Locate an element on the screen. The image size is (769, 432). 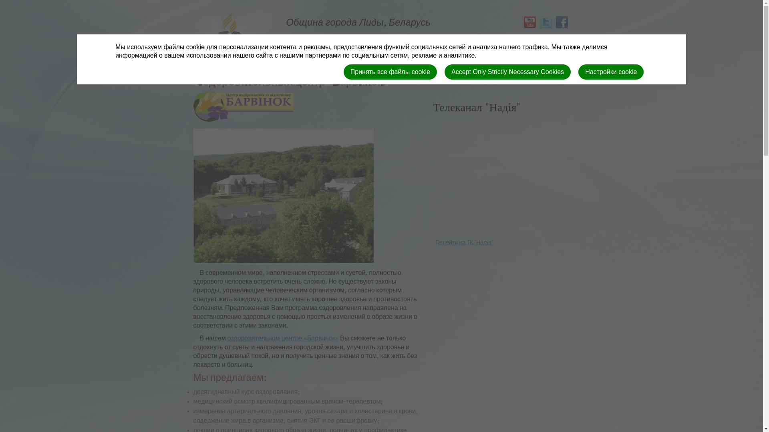
'Facebook Page' is located at coordinates (560, 22).